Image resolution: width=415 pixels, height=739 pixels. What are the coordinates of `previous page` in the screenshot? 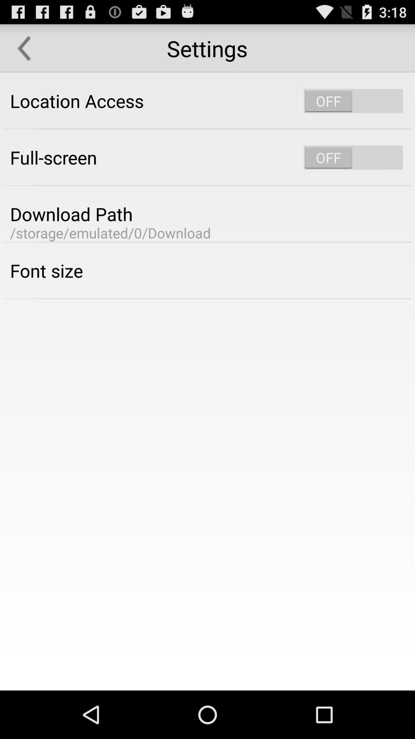 It's located at (23, 48).